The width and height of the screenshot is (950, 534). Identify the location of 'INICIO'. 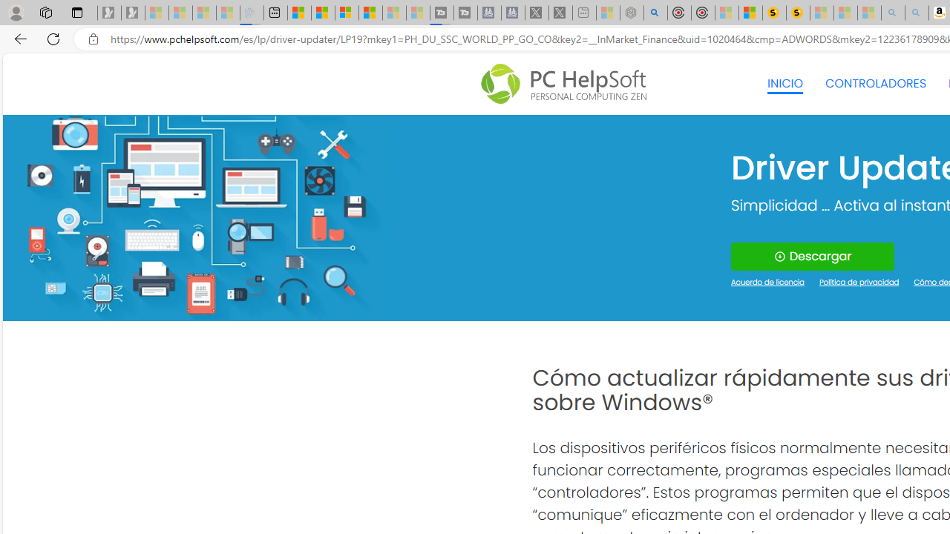
(784, 84).